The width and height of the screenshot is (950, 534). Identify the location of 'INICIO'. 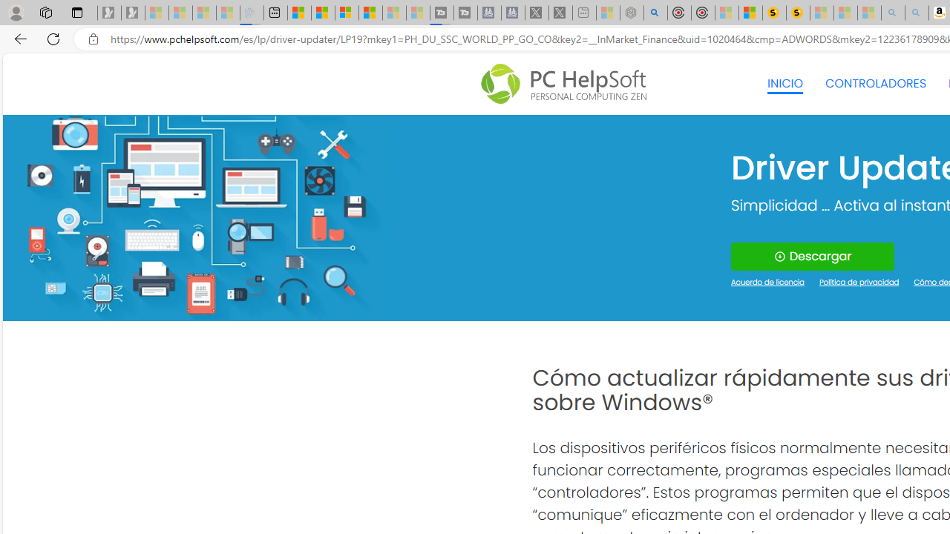
(784, 84).